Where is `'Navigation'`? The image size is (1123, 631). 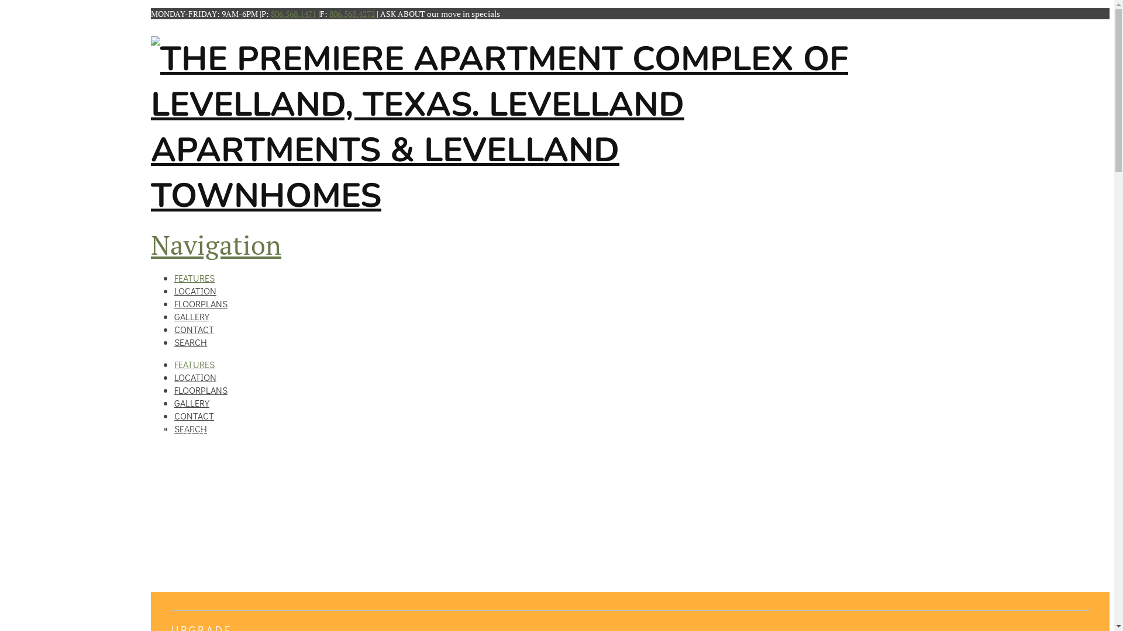 'Navigation' is located at coordinates (216, 244).